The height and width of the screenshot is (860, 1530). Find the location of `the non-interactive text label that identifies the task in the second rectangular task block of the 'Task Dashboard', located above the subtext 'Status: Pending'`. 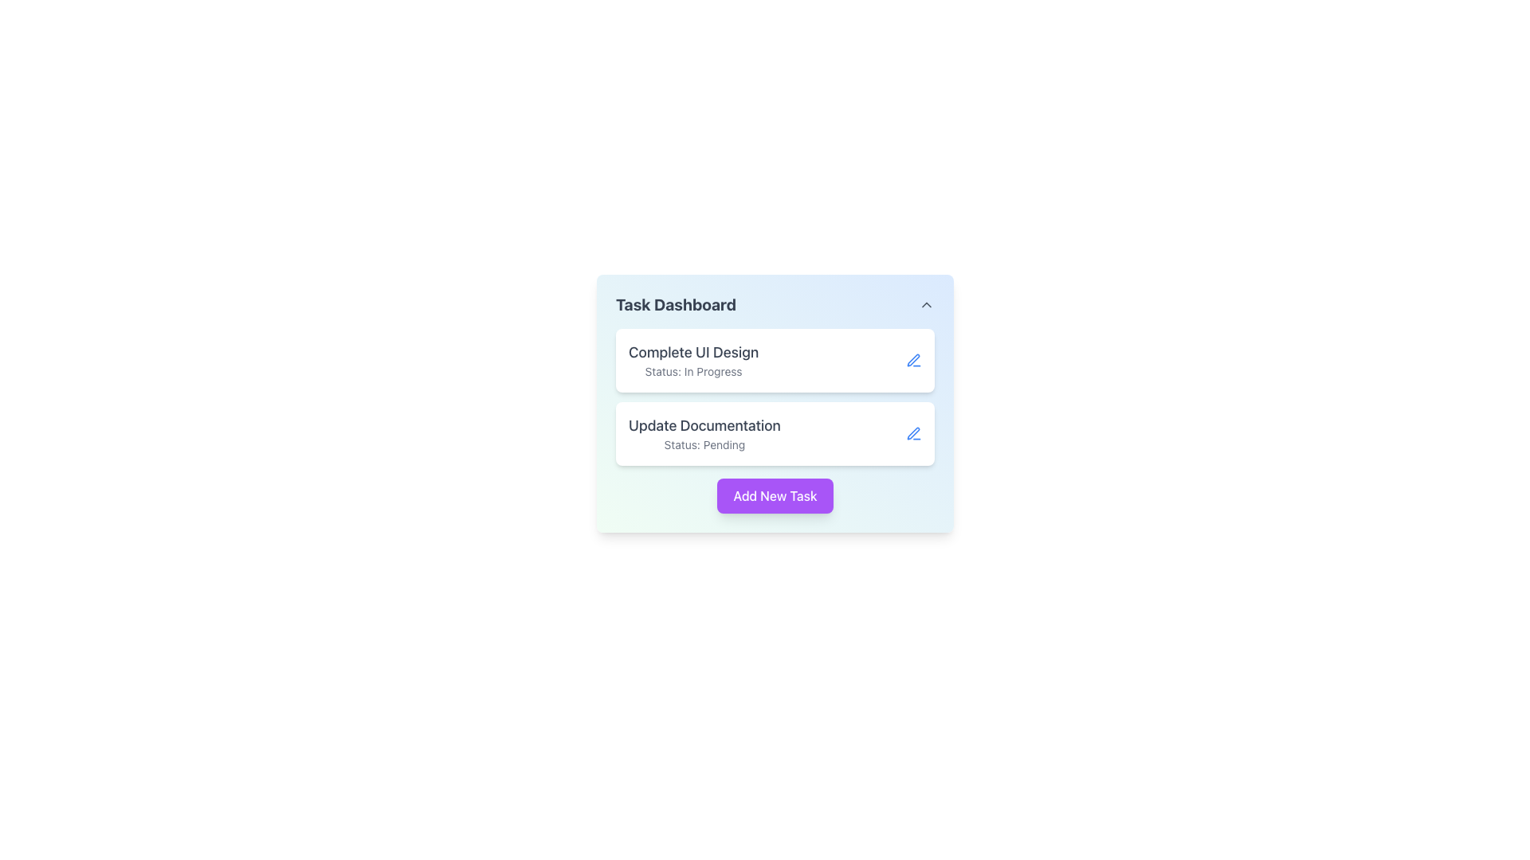

the non-interactive text label that identifies the task in the second rectangular task block of the 'Task Dashboard', located above the subtext 'Status: Pending' is located at coordinates (704, 425).